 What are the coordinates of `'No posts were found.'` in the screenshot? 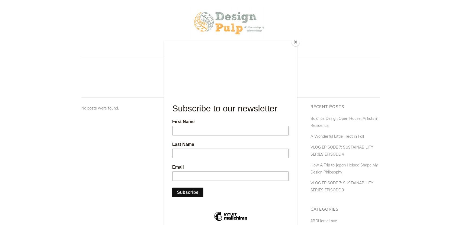 It's located at (81, 108).